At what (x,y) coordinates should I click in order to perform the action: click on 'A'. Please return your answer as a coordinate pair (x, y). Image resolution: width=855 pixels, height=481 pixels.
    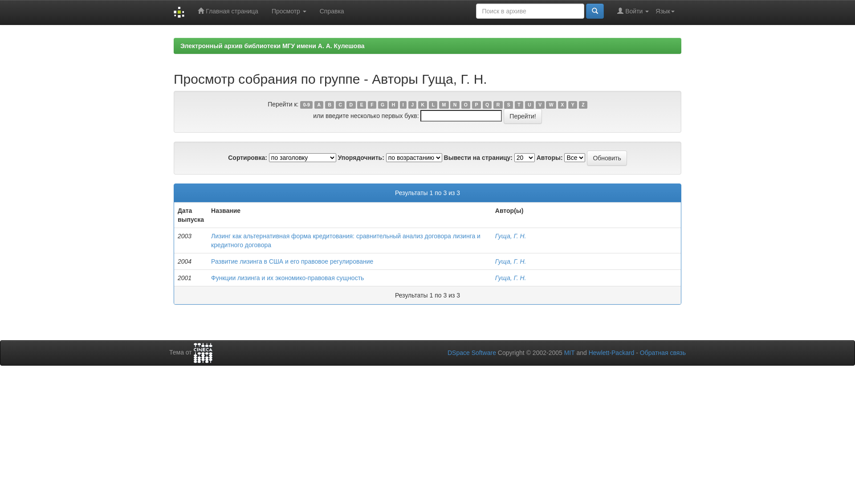
    Looking at the image, I should click on (314, 104).